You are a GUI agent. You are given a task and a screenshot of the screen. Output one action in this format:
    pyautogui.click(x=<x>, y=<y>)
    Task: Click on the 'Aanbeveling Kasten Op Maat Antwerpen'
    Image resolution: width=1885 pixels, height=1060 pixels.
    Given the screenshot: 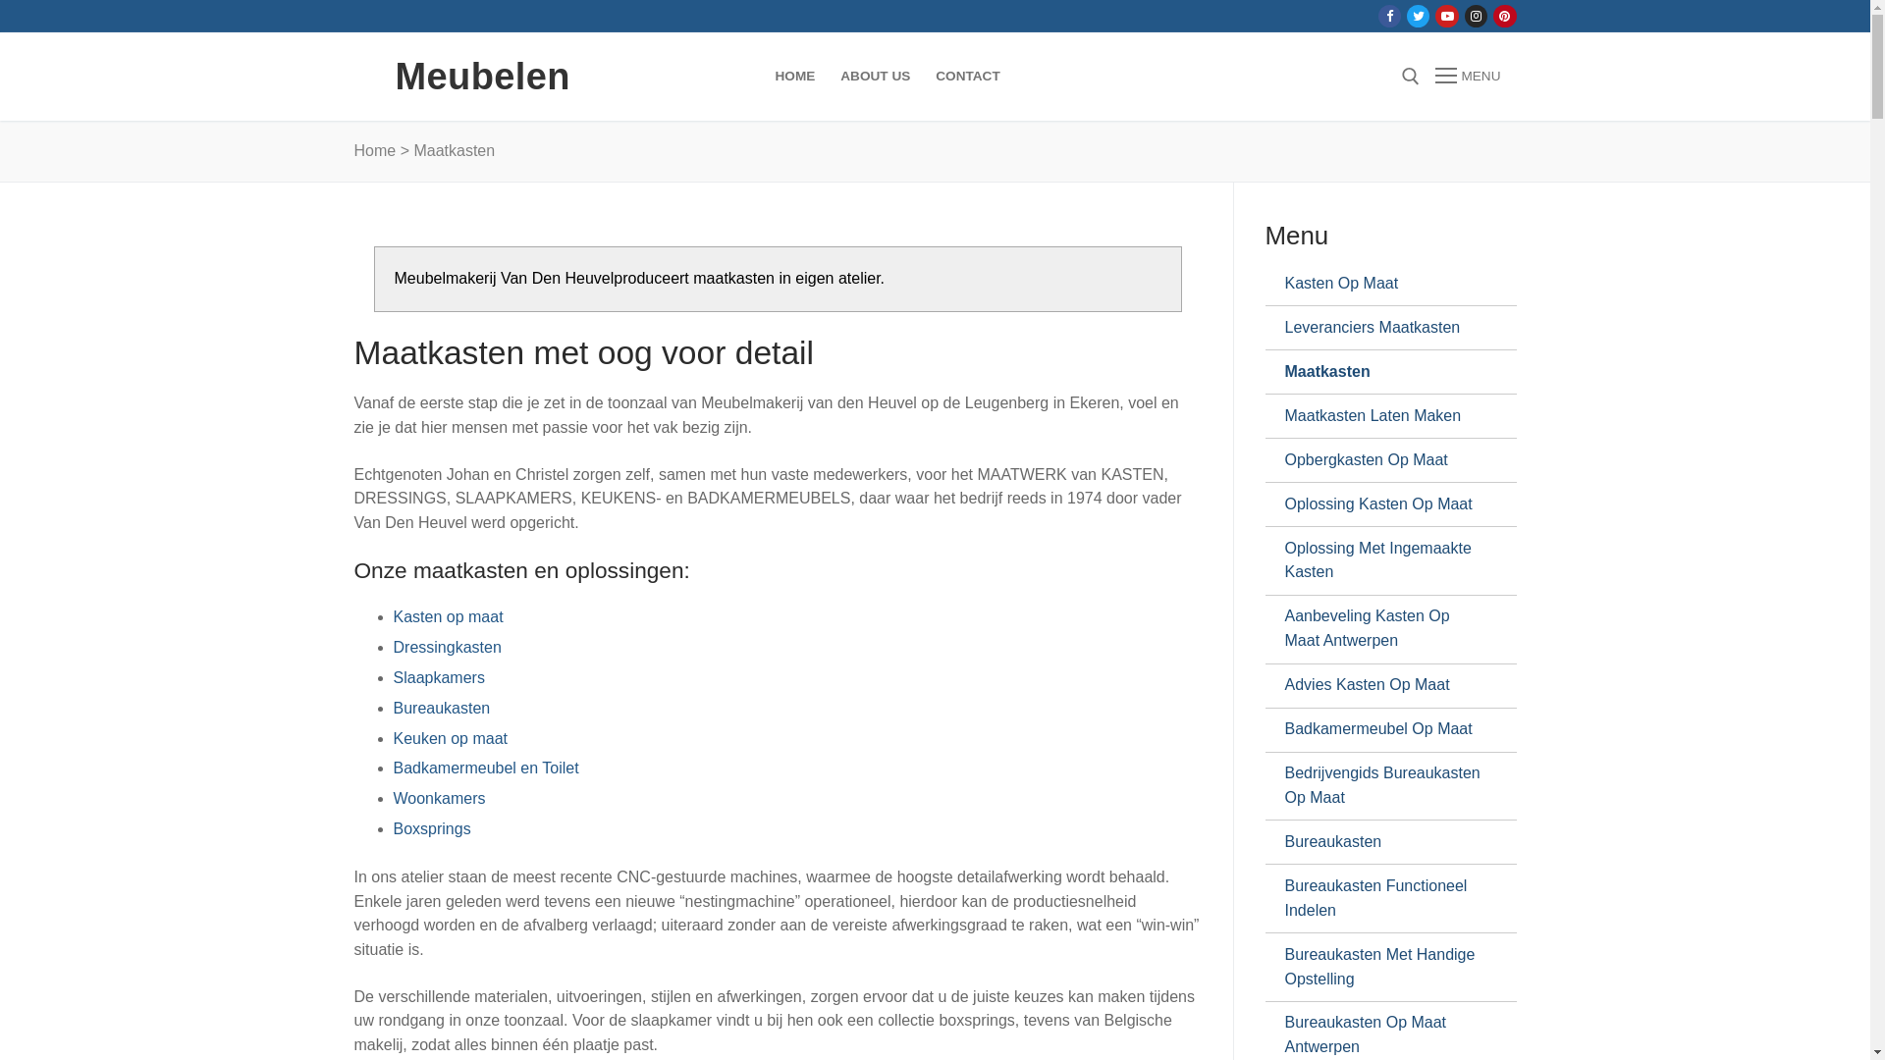 What is the action you would take?
    pyautogui.click(x=1380, y=629)
    